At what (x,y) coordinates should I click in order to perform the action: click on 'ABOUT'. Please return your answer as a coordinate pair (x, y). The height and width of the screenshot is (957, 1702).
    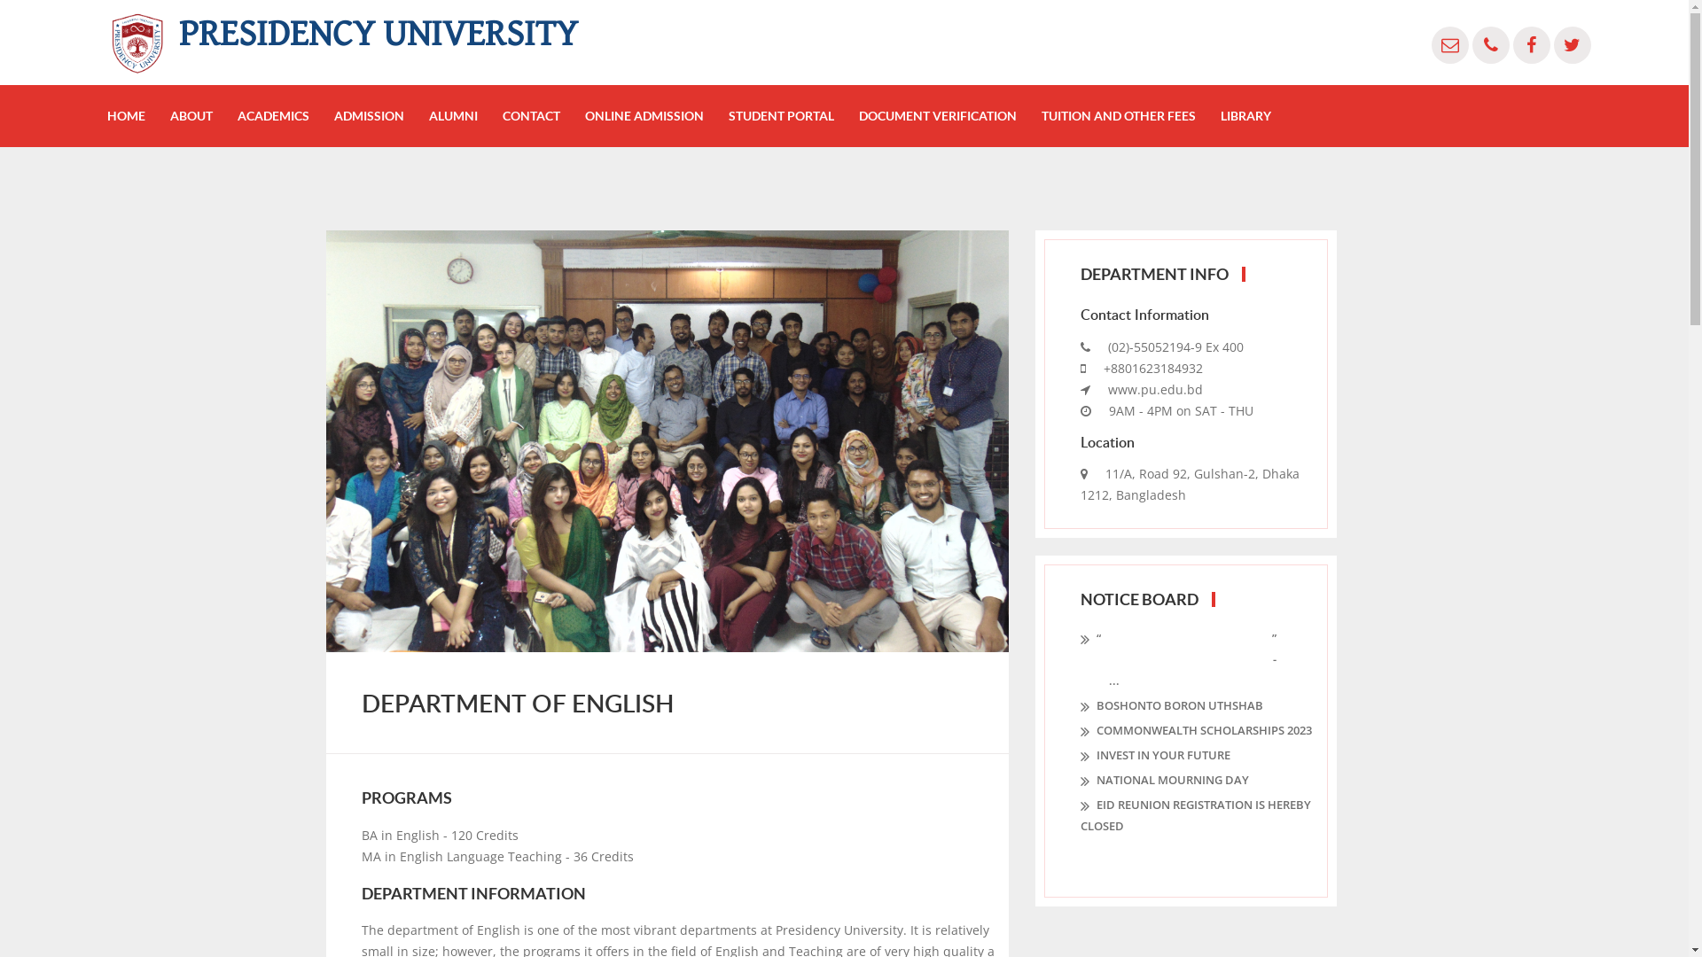
    Looking at the image, I should click on (191, 116).